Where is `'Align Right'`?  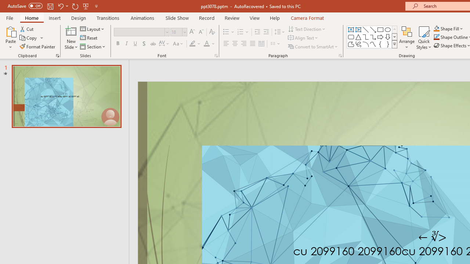 'Align Right' is located at coordinates (243, 44).